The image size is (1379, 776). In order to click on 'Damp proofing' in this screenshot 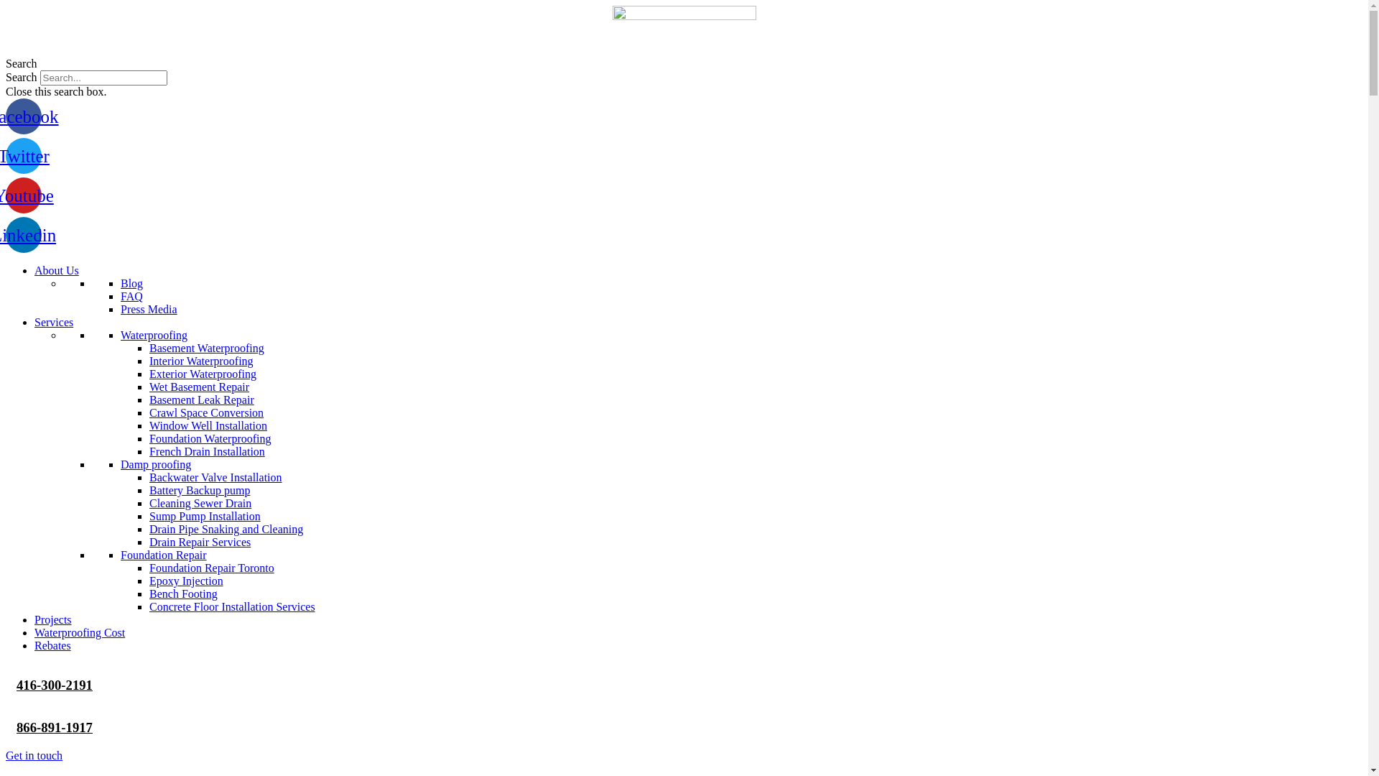, I will do `click(121, 464)`.